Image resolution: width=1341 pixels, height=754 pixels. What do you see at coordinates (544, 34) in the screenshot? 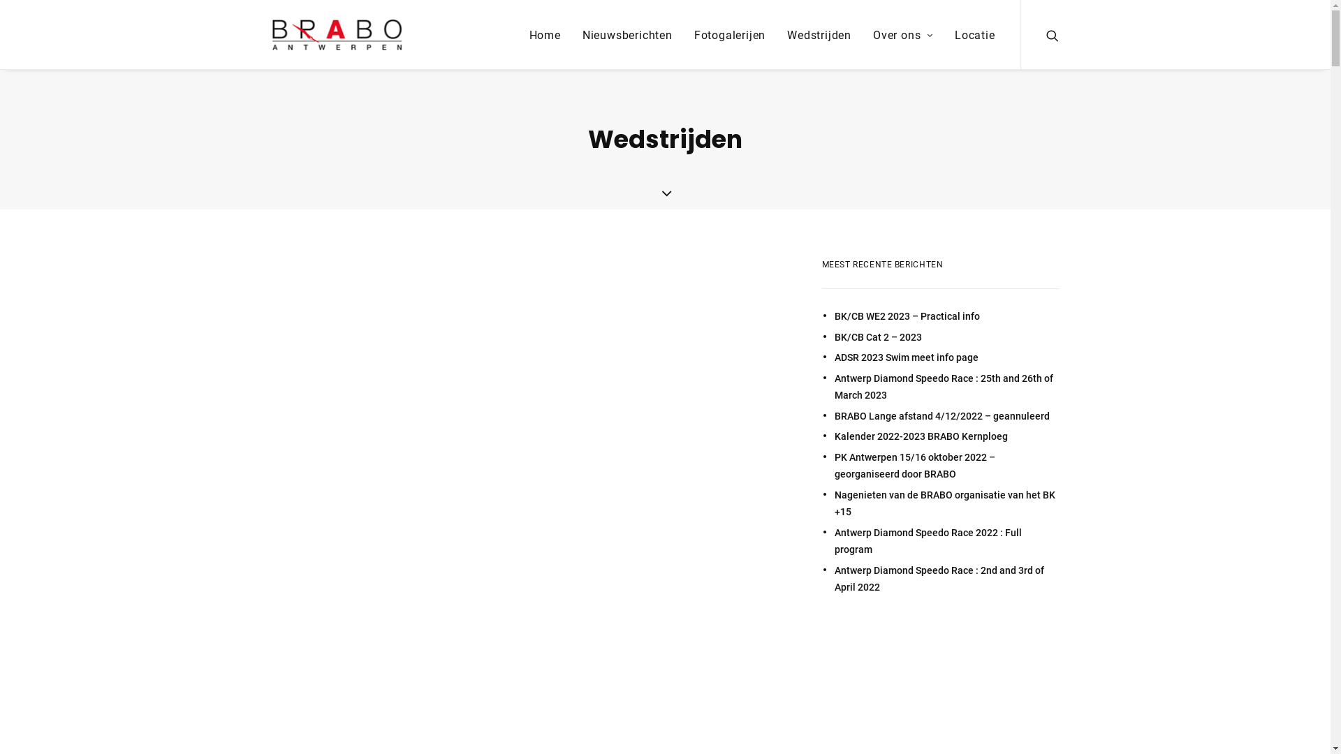
I see `'Home'` at bounding box center [544, 34].